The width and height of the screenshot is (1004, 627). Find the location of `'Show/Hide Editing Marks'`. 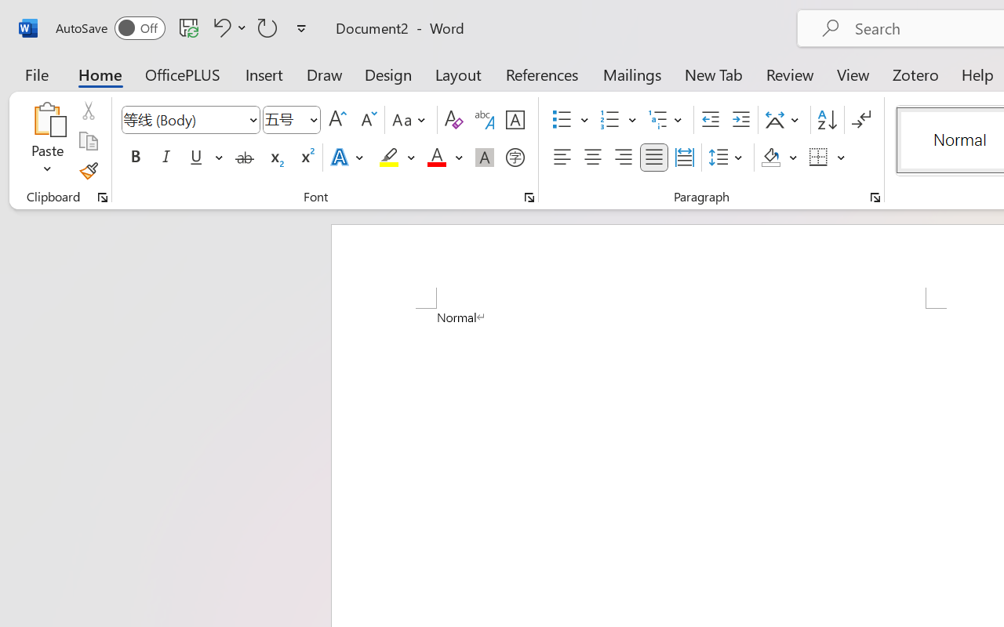

'Show/Hide Editing Marks' is located at coordinates (860, 120).